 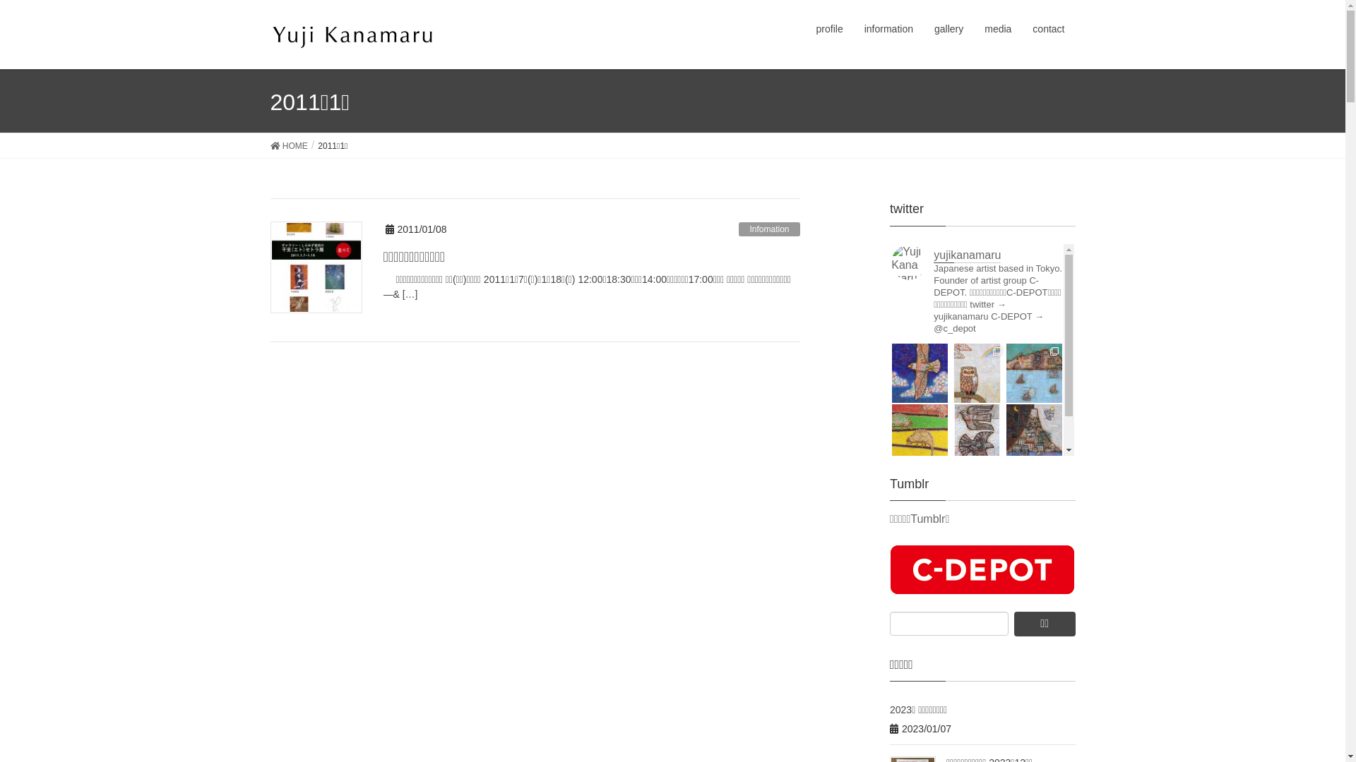 I want to click on 'HOME', so click(x=270, y=145).